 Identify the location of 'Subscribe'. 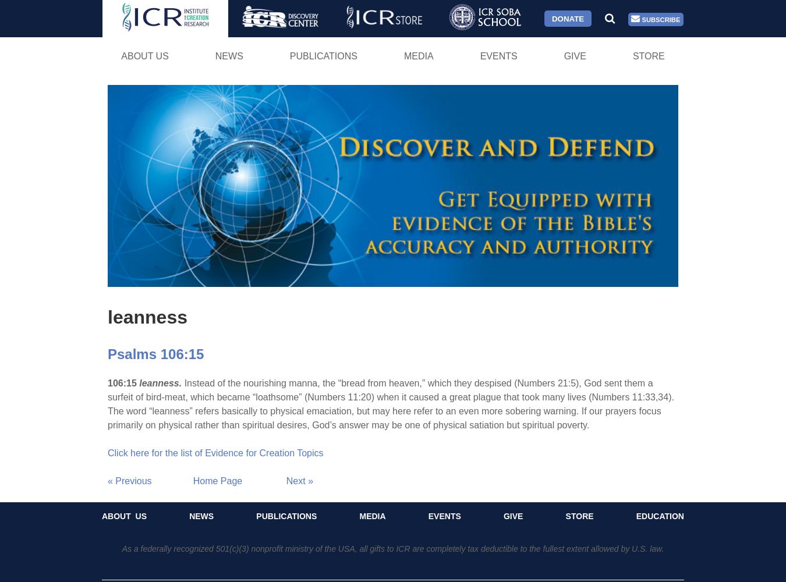
(659, 19).